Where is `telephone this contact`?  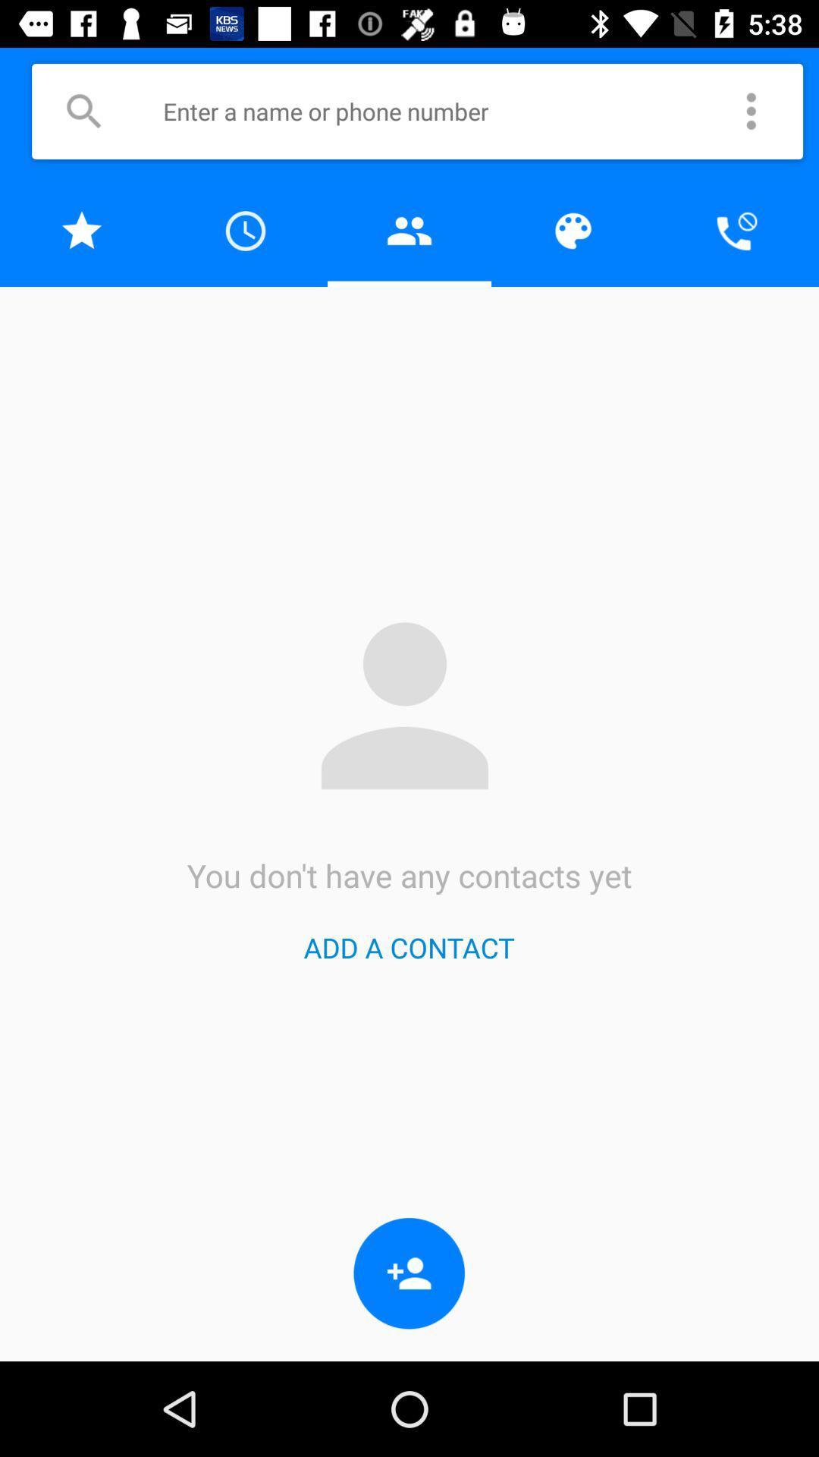
telephone this contact is located at coordinates (736, 230).